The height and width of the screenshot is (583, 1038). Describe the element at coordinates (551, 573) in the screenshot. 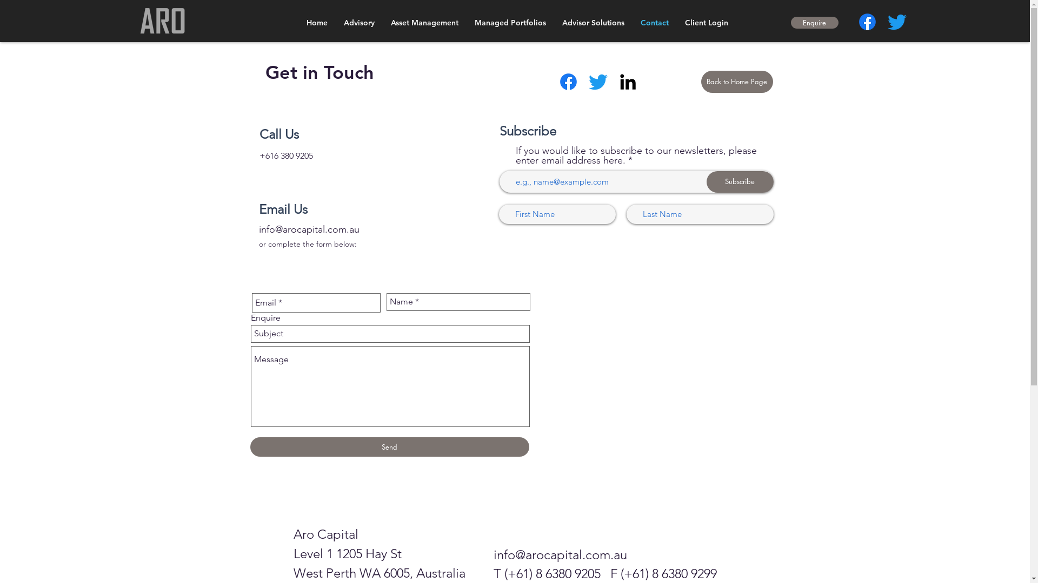

I see `'T (+61) 8 6380 9205   '` at that location.